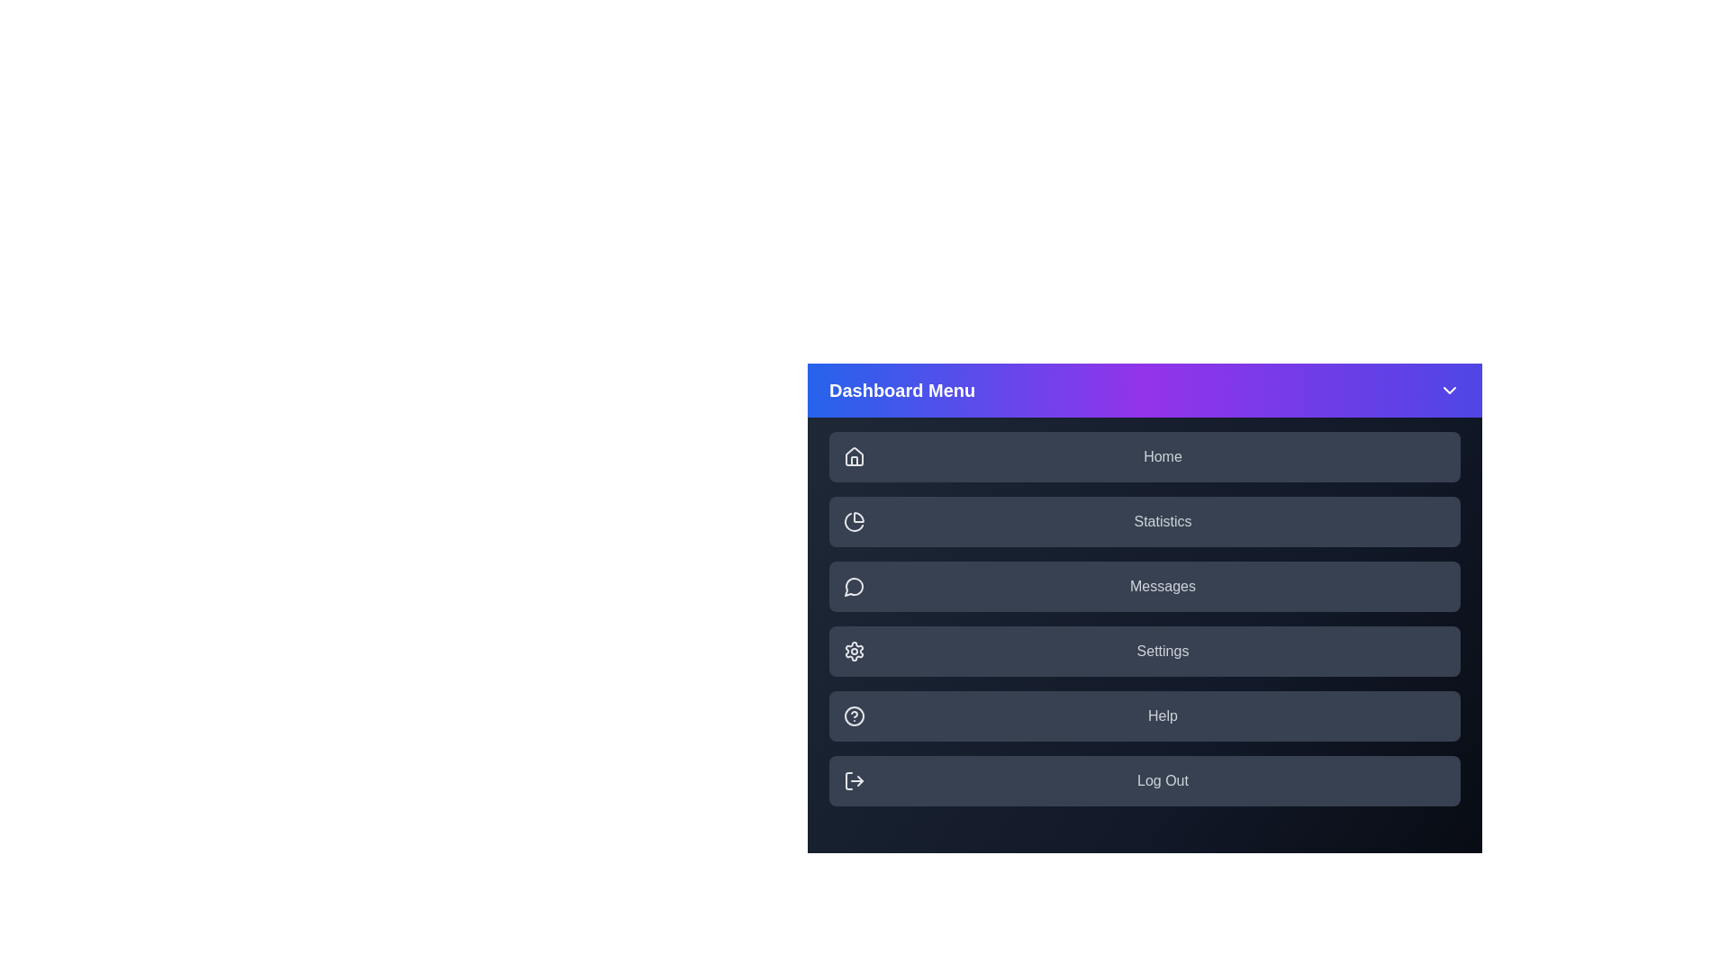  What do you see at coordinates (854, 715) in the screenshot?
I see `the icon corresponding to the menu item Help` at bounding box center [854, 715].